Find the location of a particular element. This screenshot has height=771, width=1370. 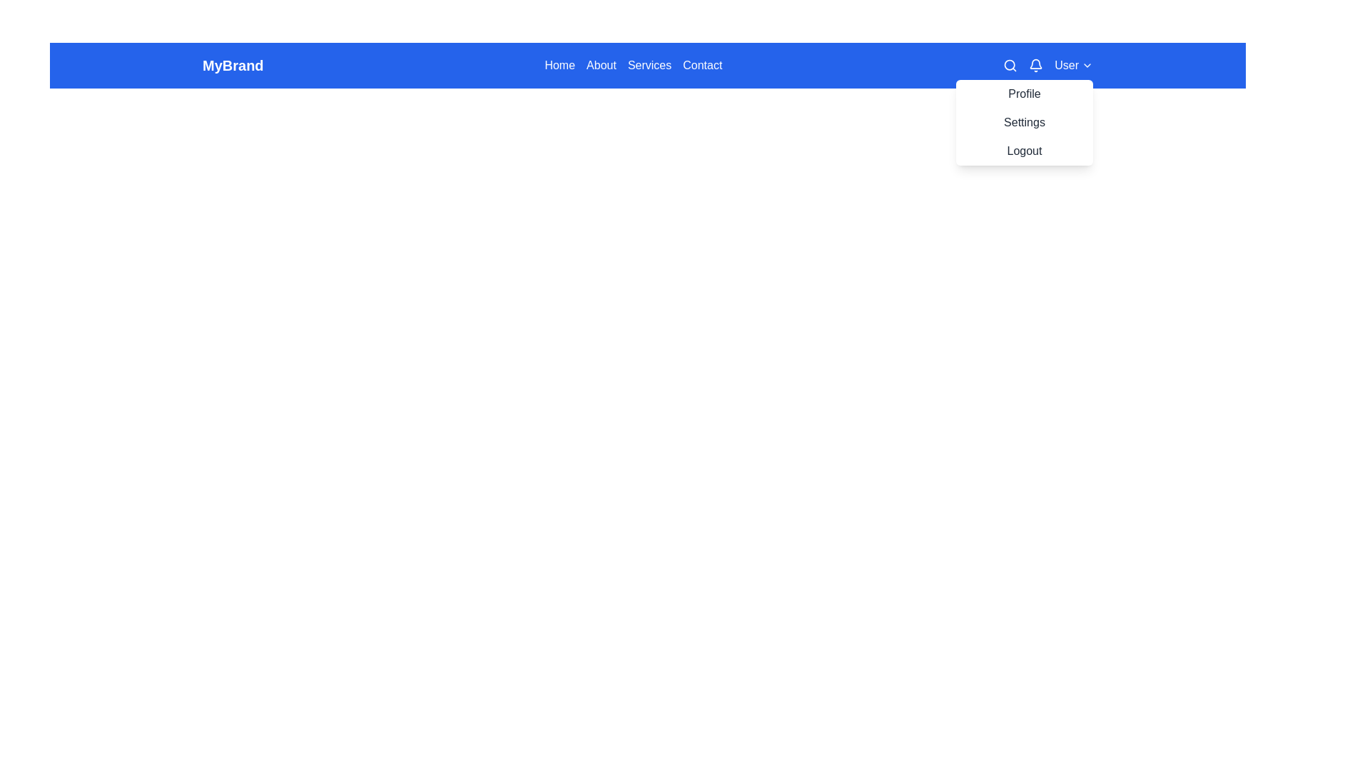

the bell-shaped icon button used to signify notifications is located at coordinates (1036, 66).